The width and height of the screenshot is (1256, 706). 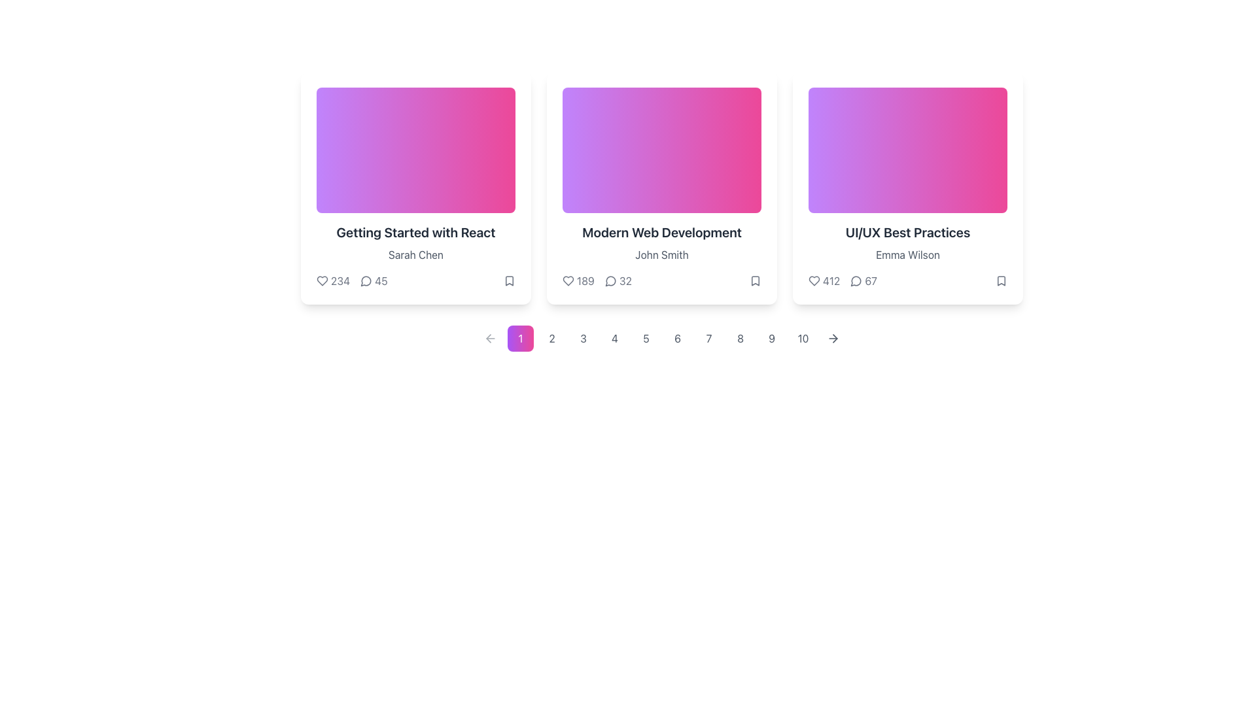 I want to click on the interactive comment indicator displaying the number '67' located in the bottom-right section of the 'UI/UX Best Practices' card by Emma Wilson, so click(x=863, y=280).